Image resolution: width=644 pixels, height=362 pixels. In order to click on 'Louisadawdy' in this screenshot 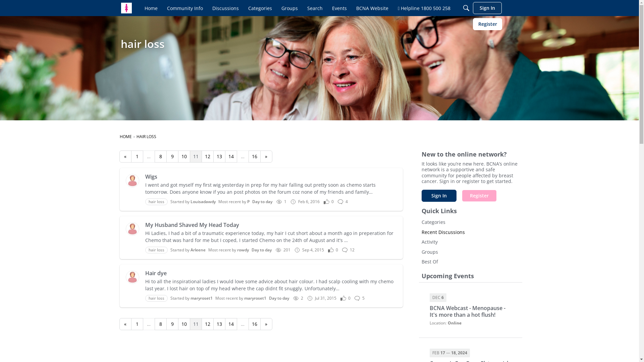, I will do `click(190, 201)`.